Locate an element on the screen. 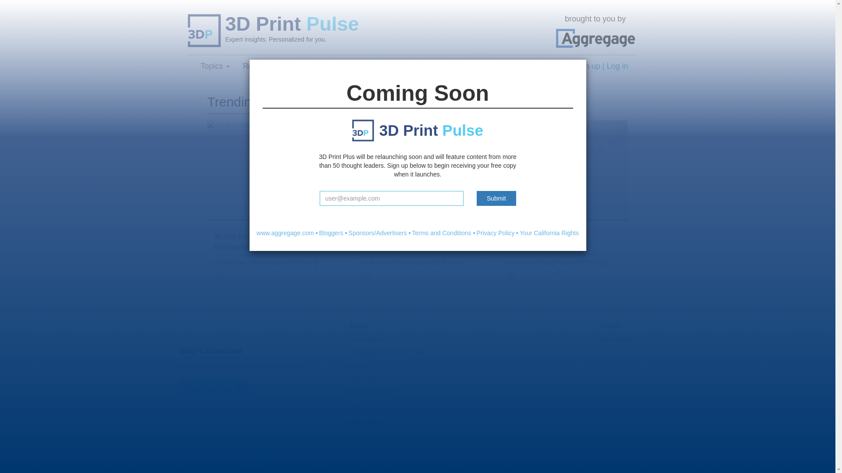  'Topics' is located at coordinates (214, 65).